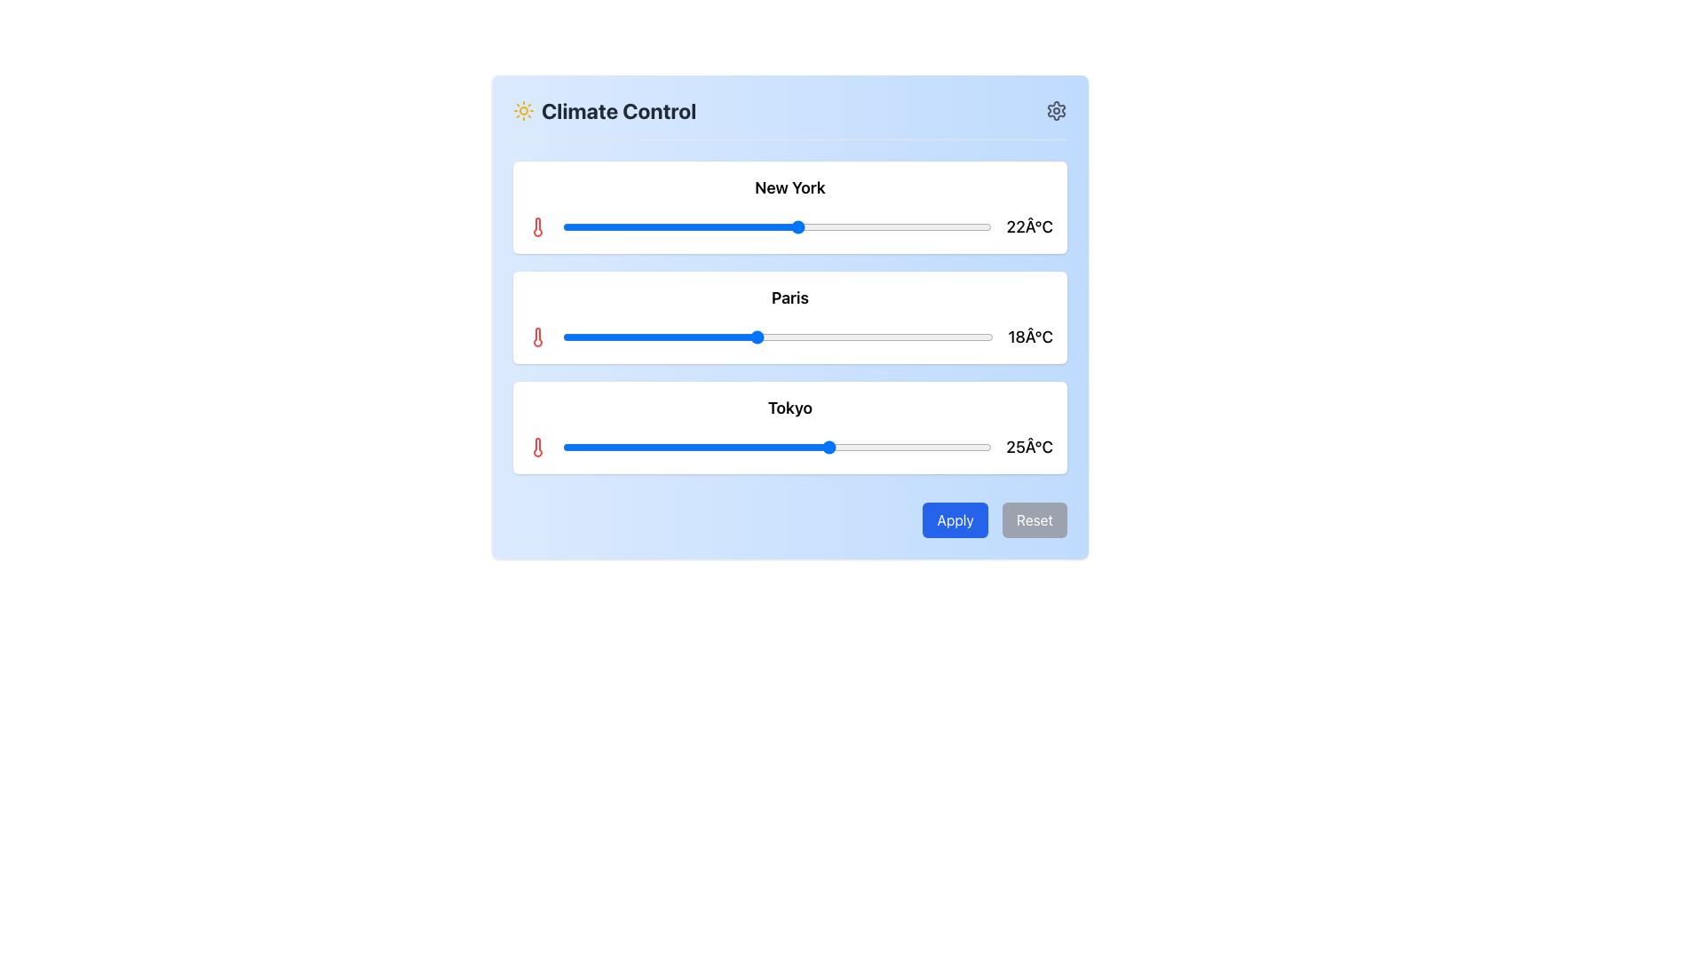  What do you see at coordinates (777, 447) in the screenshot?
I see `the Tokyo temperature` at bounding box center [777, 447].